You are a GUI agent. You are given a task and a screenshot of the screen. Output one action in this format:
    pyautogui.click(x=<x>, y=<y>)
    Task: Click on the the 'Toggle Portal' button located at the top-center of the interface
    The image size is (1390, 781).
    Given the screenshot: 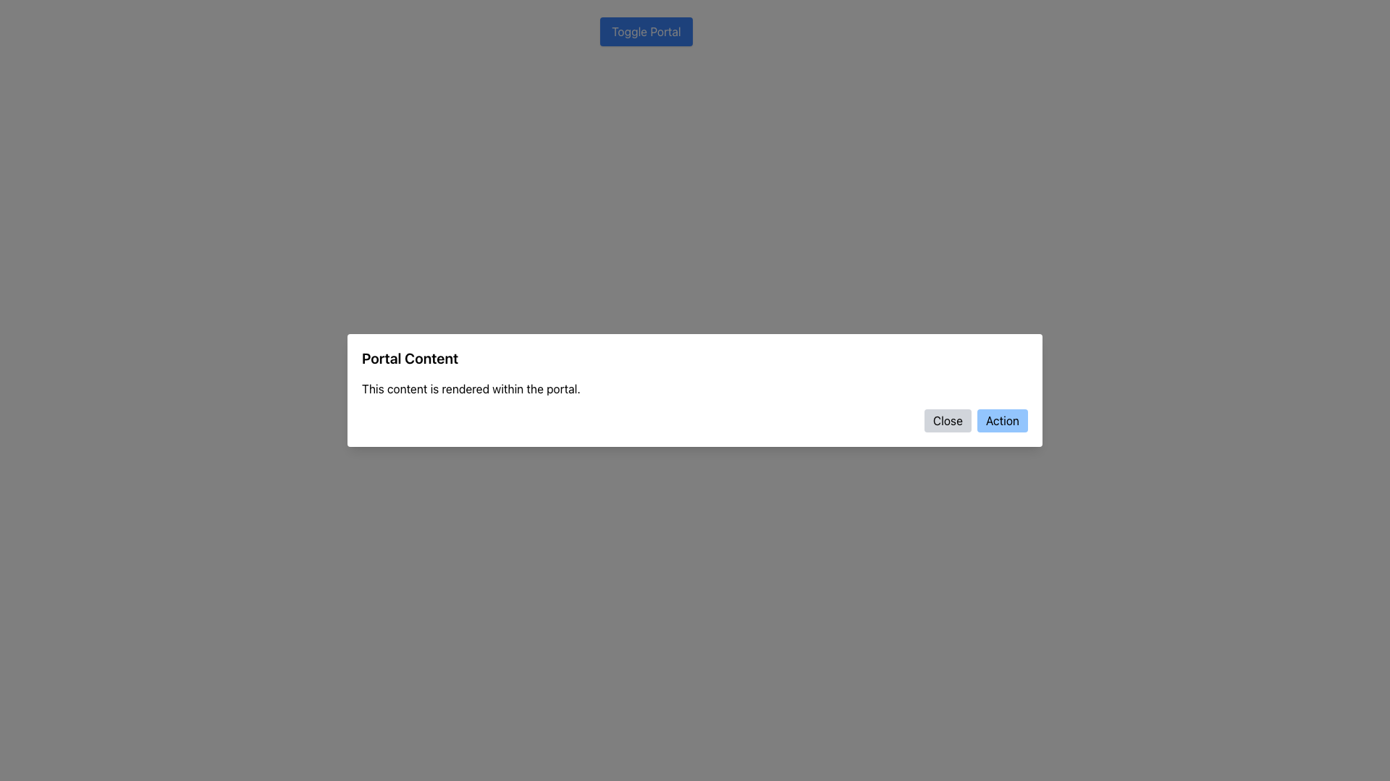 What is the action you would take?
    pyautogui.click(x=645, y=31)
    